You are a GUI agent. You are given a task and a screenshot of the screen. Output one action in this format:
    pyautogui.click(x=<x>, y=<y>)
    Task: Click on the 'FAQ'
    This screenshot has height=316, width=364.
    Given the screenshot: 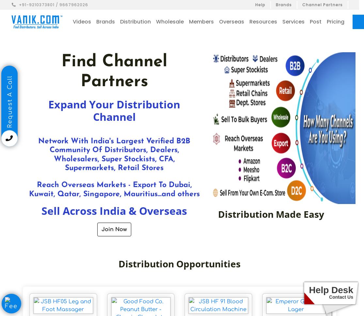 What is the action you would take?
    pyautogui.click(x=299, y=57)
    